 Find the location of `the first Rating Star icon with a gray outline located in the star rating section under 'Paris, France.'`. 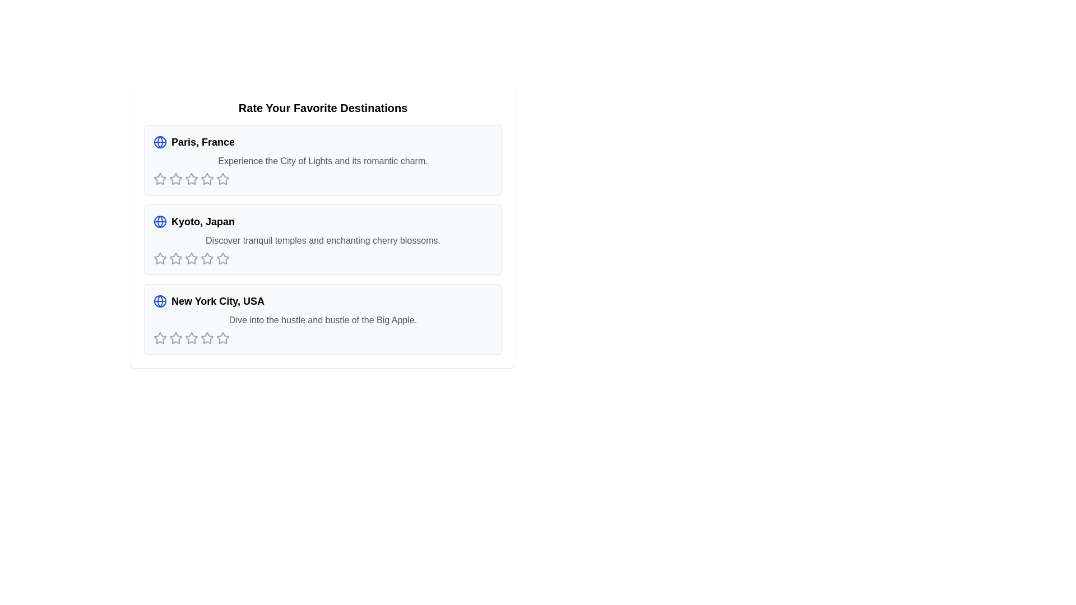

the first Rating Star icon with a gray outline located in the star rating section under 'Paris, France.' is located at coordinates (160, 178).